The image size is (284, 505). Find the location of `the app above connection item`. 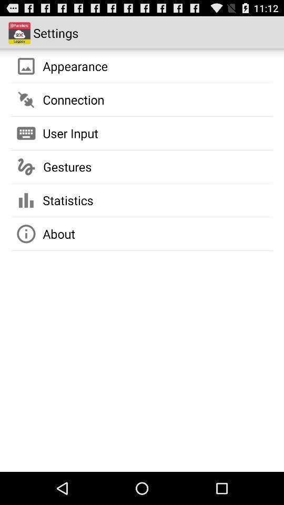

the app above connection item is located at coordinates (75, 65).